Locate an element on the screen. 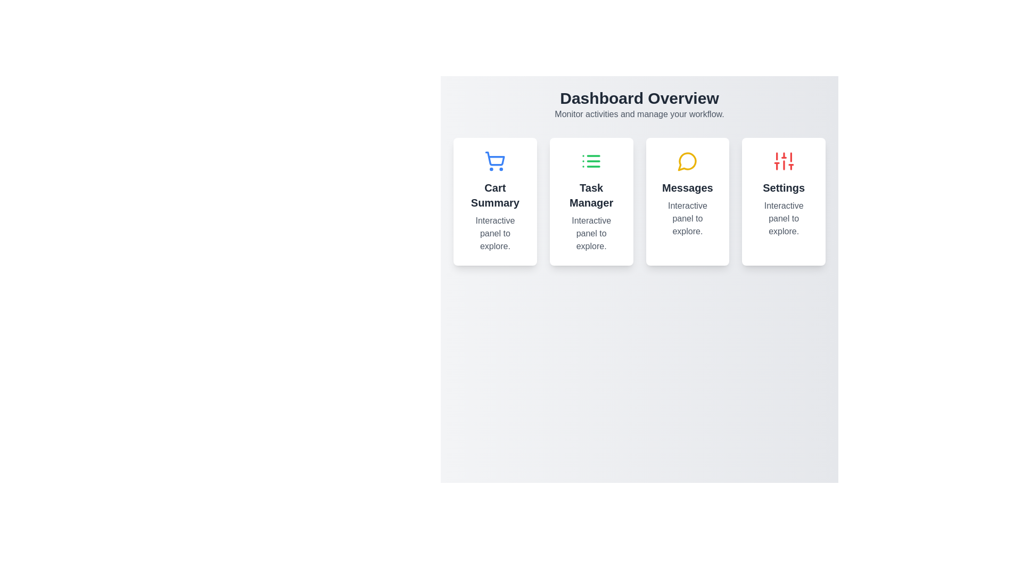 Image resolution: width=1022 pixels, height=575 pixels. the 'Messages' header text element, which is displayed in bold and large font, centered within its card, and located as the third header among a set of cards is located at coordinates (687, 187).